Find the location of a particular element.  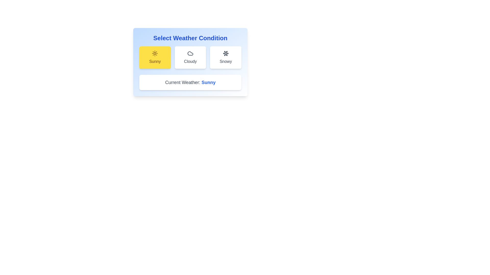

the snowflake icon located in the 'Snowy' option of the weather selection interface is located at coordinates (225, 53).